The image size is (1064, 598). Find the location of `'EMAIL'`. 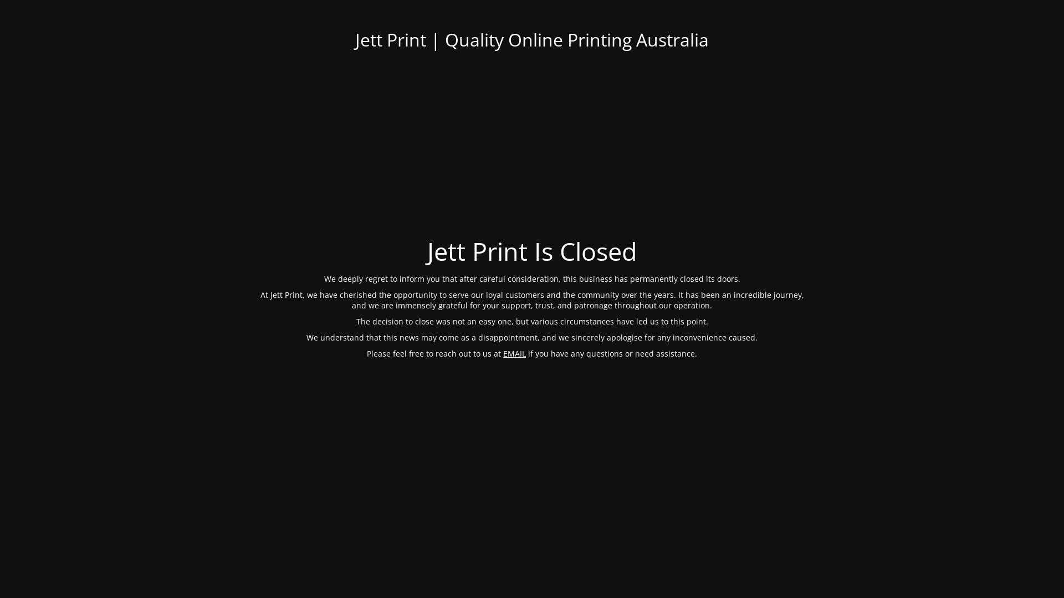

'EMAIL' is located at coordinates (514, 353).